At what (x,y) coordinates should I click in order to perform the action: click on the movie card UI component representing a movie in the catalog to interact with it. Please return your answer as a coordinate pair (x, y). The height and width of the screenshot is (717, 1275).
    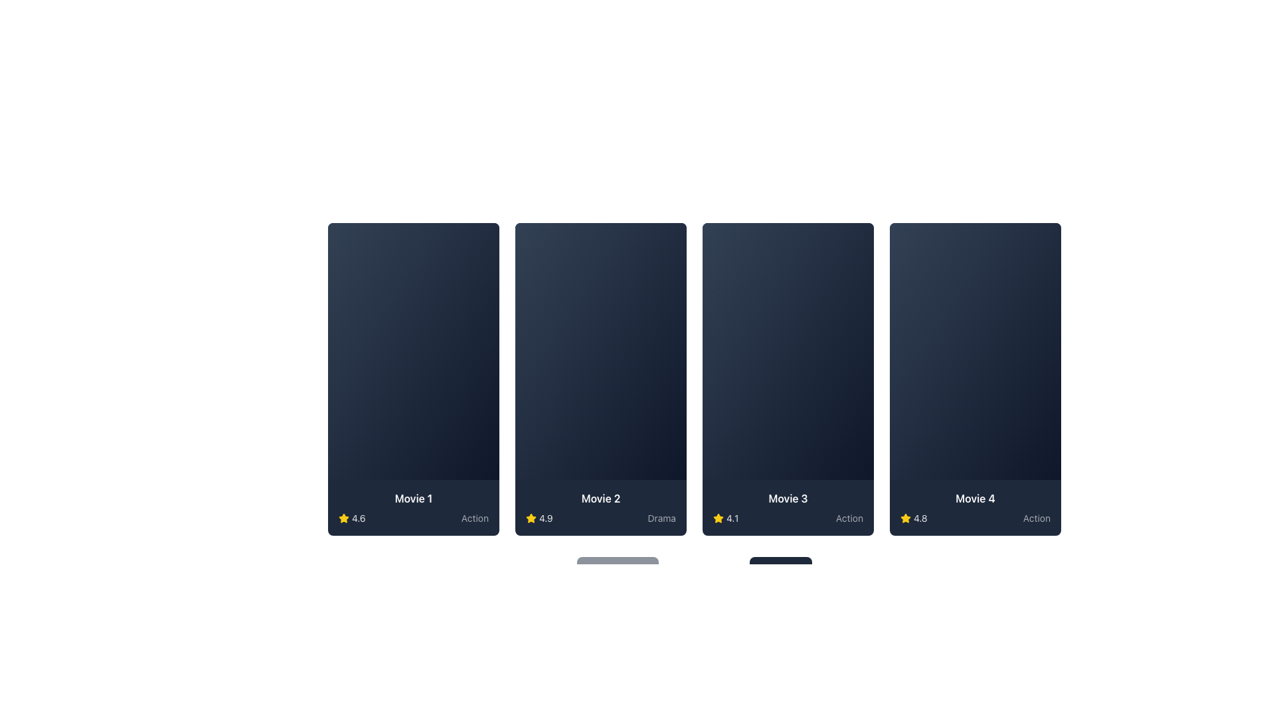
    Looking at the image, I should click on (975, 379).